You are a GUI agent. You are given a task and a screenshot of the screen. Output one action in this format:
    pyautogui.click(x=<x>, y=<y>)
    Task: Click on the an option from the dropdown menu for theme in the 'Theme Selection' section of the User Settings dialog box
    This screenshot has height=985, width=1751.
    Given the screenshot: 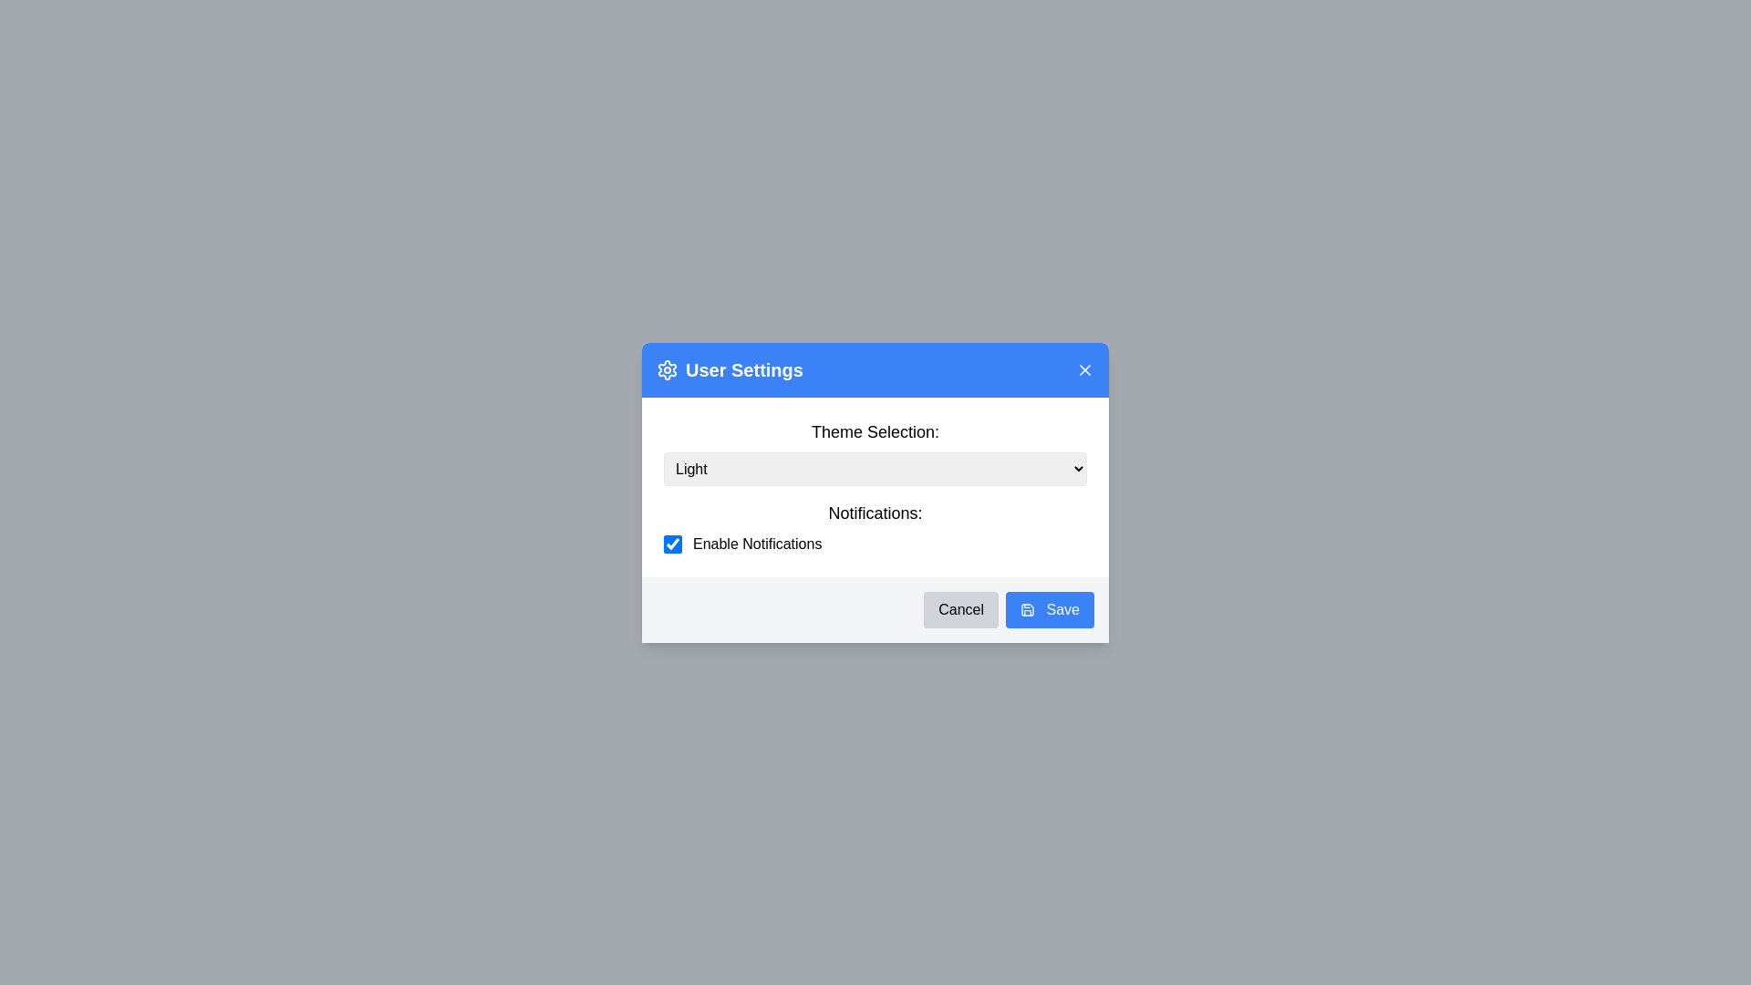 What is the action you would take?
    pyautogui.click(x=875, y=485)
    